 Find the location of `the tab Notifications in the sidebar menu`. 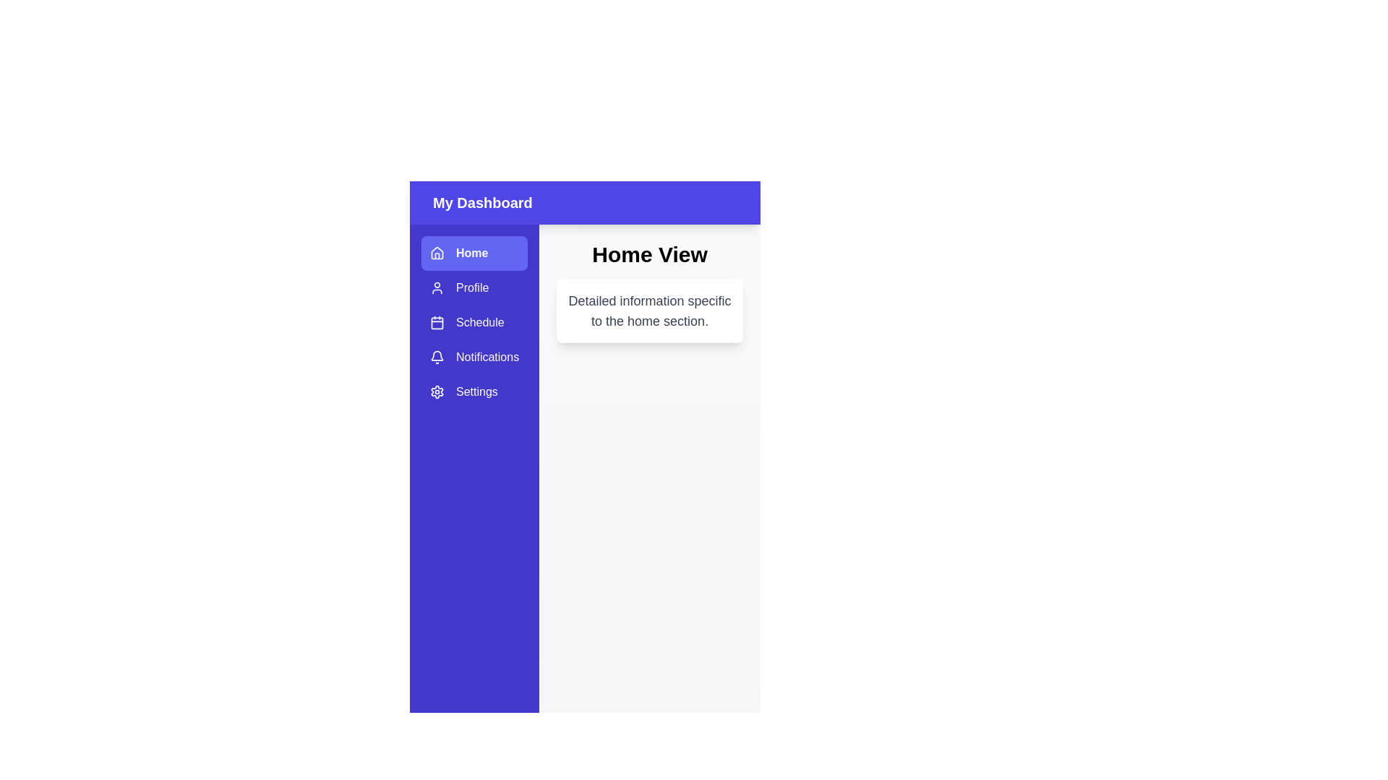

the tab Notifications in the sidebar menu is located at coordinates (474, 357).